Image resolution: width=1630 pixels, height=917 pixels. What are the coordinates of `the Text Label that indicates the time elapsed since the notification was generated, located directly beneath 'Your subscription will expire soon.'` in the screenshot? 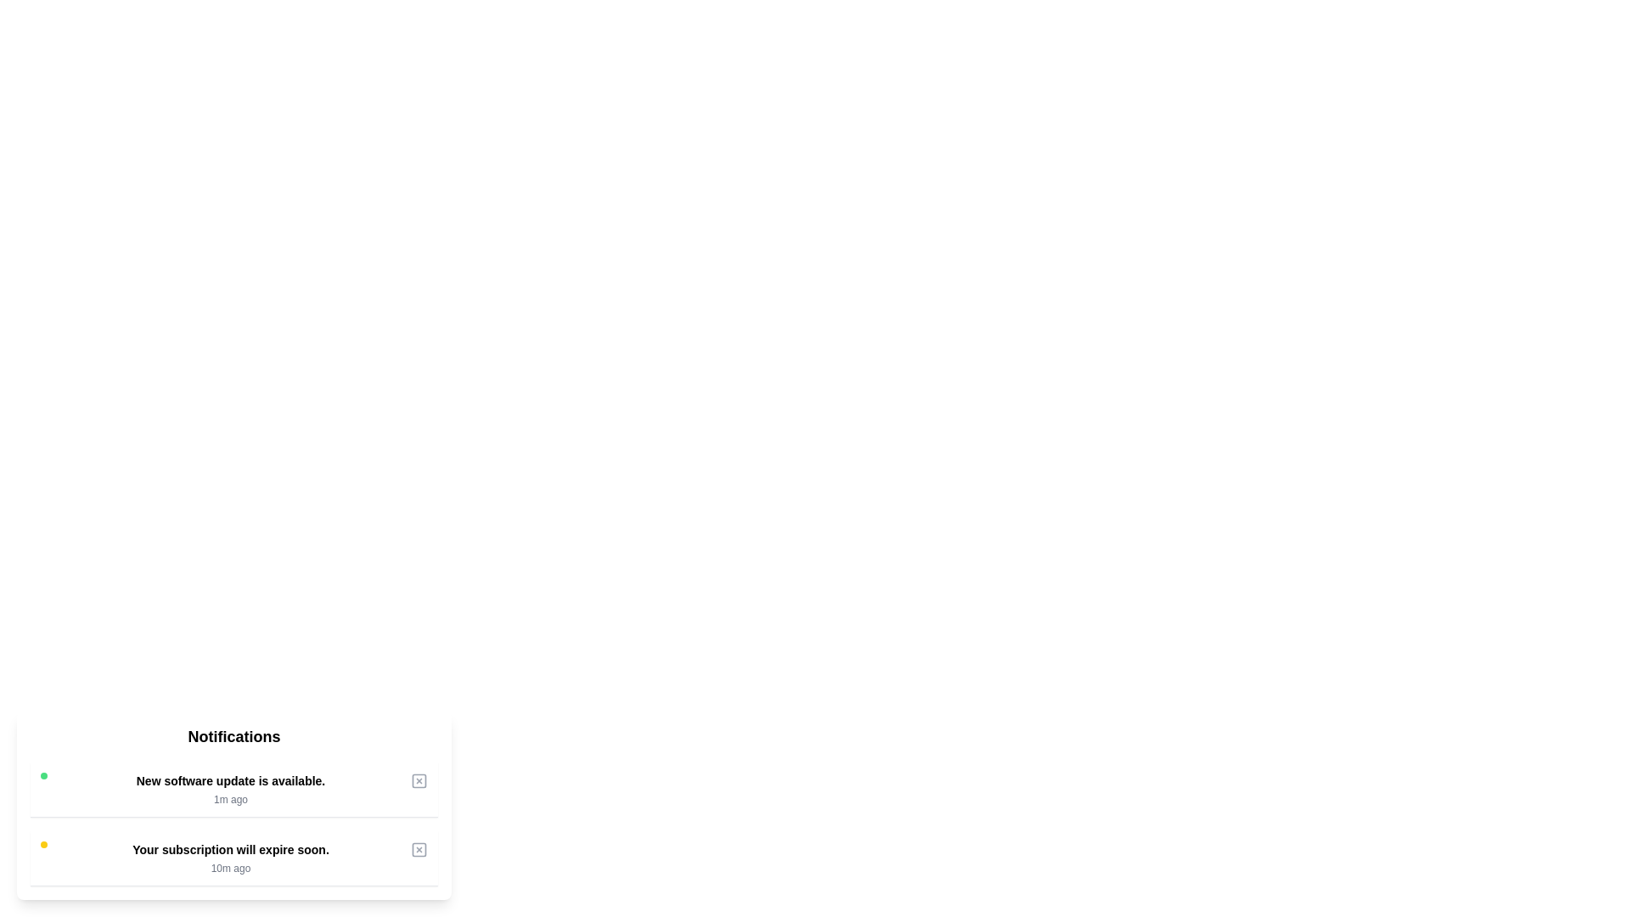 It's located at (230, 868).